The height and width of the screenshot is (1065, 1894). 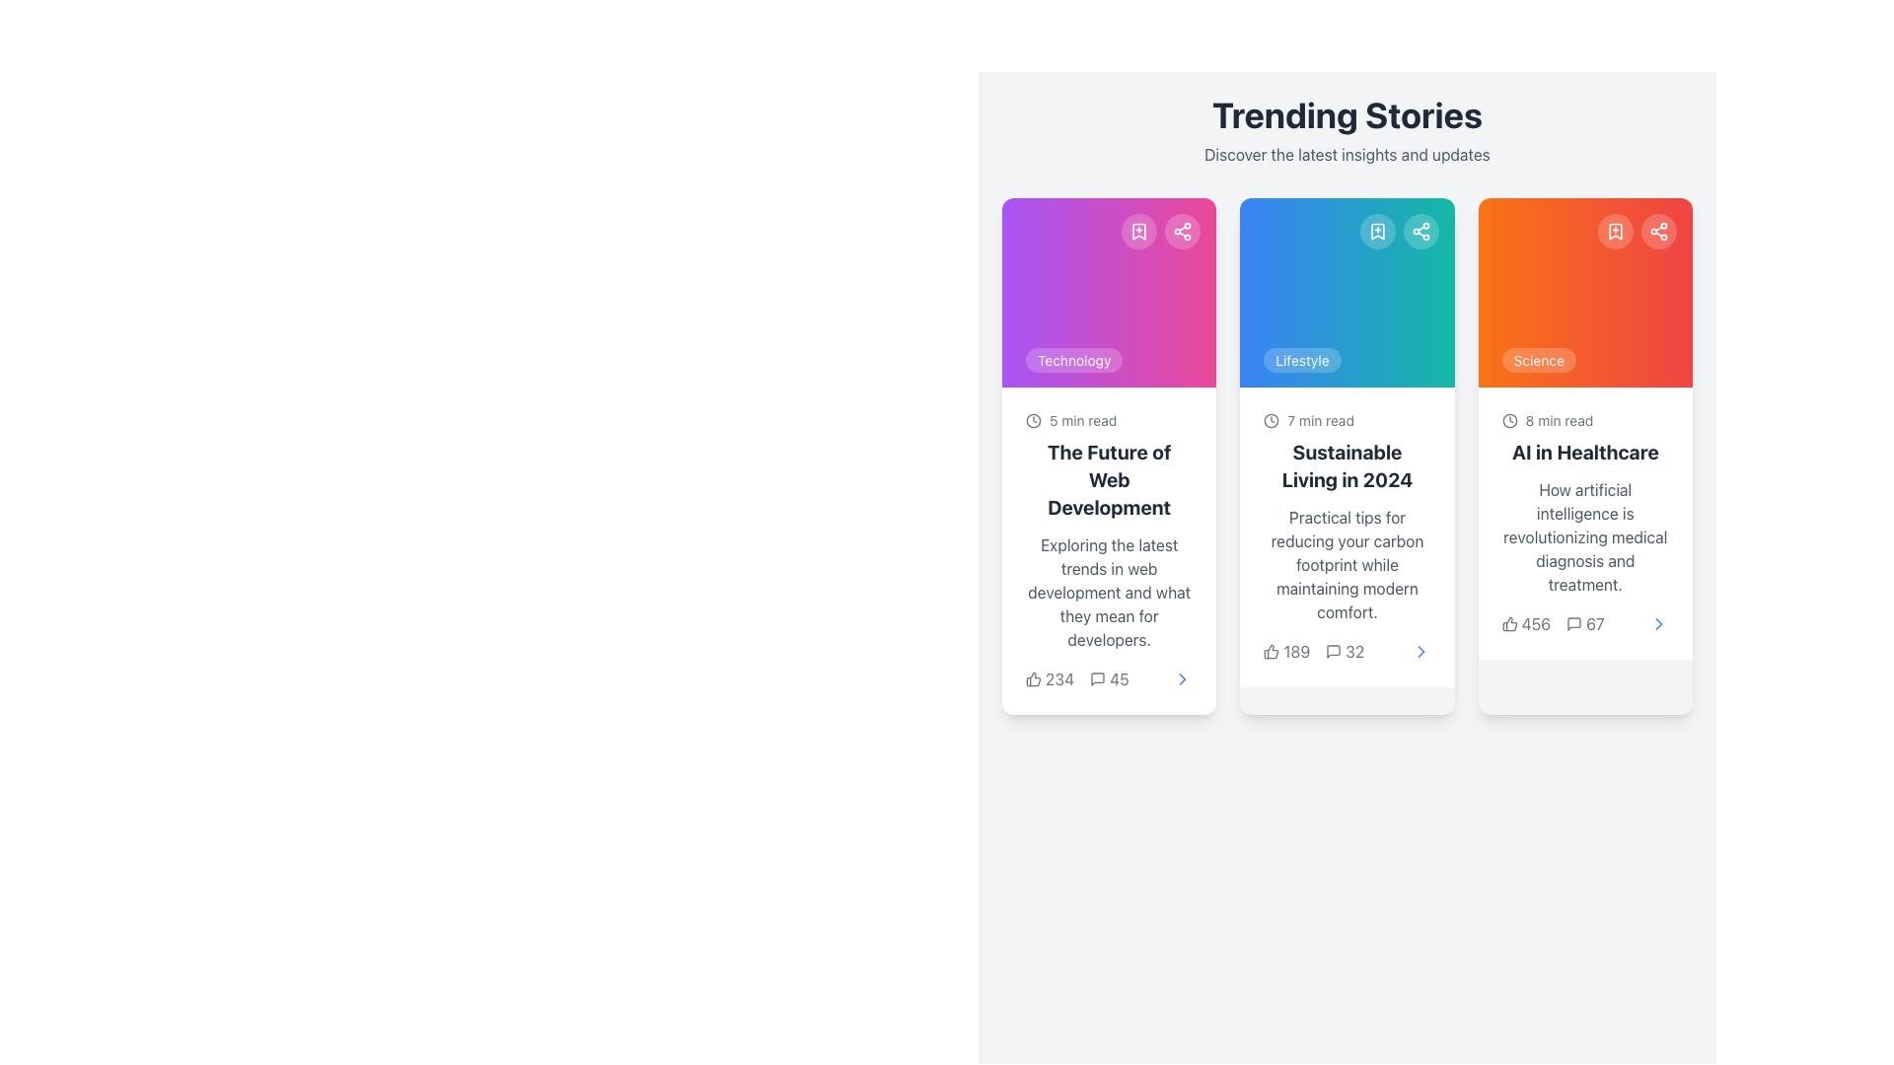 I want to click on the circular share button located at the top-right corner of the 'Sustainable Living in 2024' card to initiate sharing, so click(x=1420, y=231).